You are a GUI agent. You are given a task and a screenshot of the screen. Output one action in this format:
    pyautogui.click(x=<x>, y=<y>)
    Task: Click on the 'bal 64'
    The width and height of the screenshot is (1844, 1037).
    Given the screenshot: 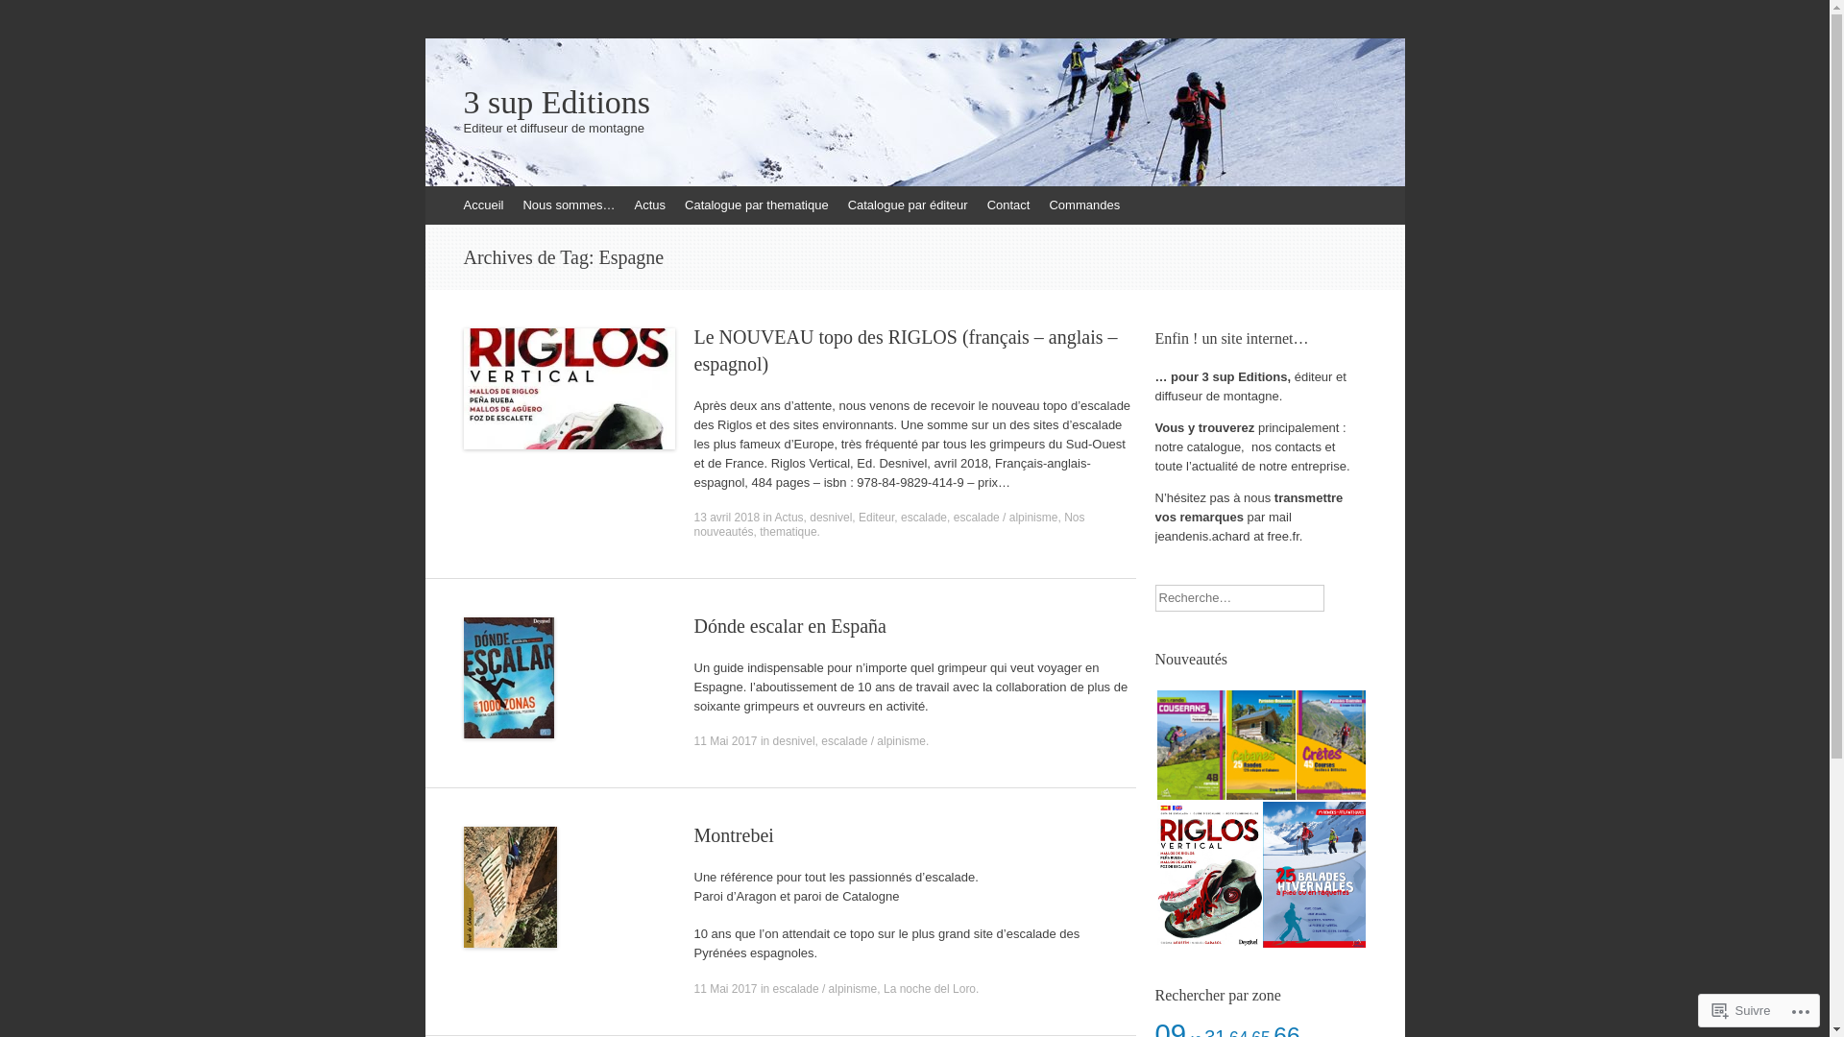 What is the action you would take?
    pyautogui.click(x=1312, y=875)
    